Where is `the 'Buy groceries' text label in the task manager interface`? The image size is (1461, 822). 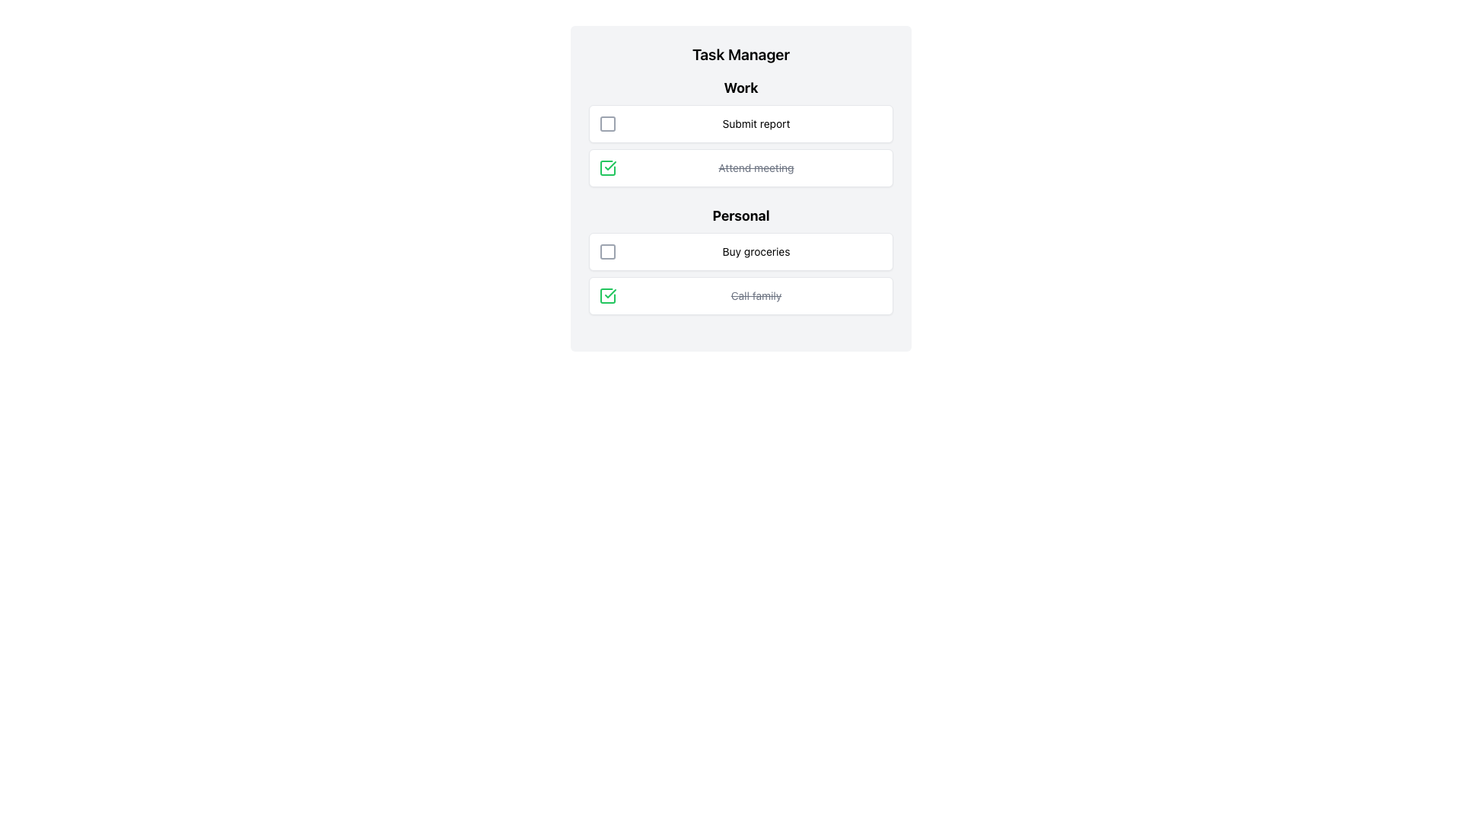 the 'Buy groceries' text label in the task manager interface is located at coordinates (756, 251).